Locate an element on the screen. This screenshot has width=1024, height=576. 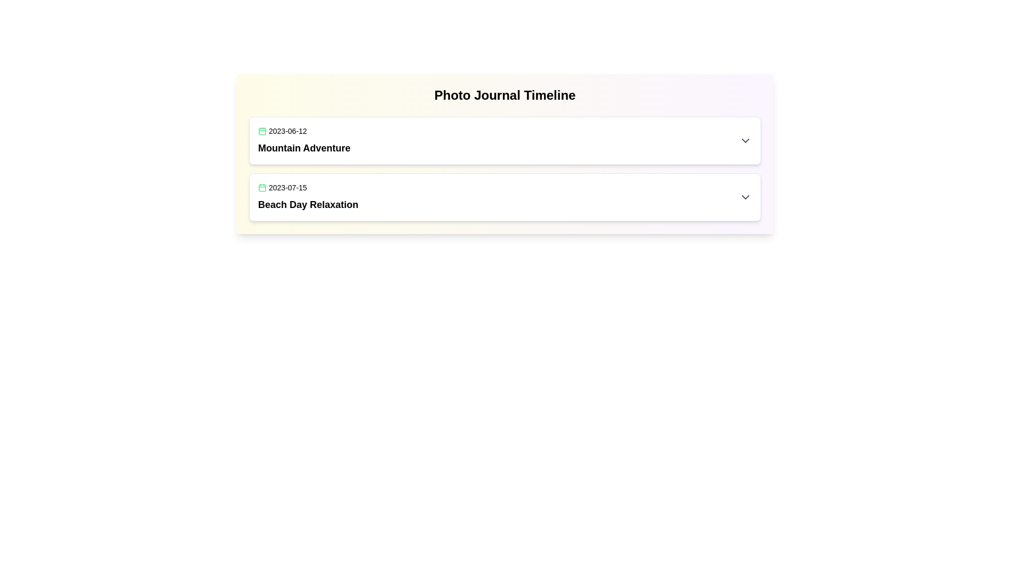
the Dropdown indicator (chevron icon) is located at coordinates (745, 197).